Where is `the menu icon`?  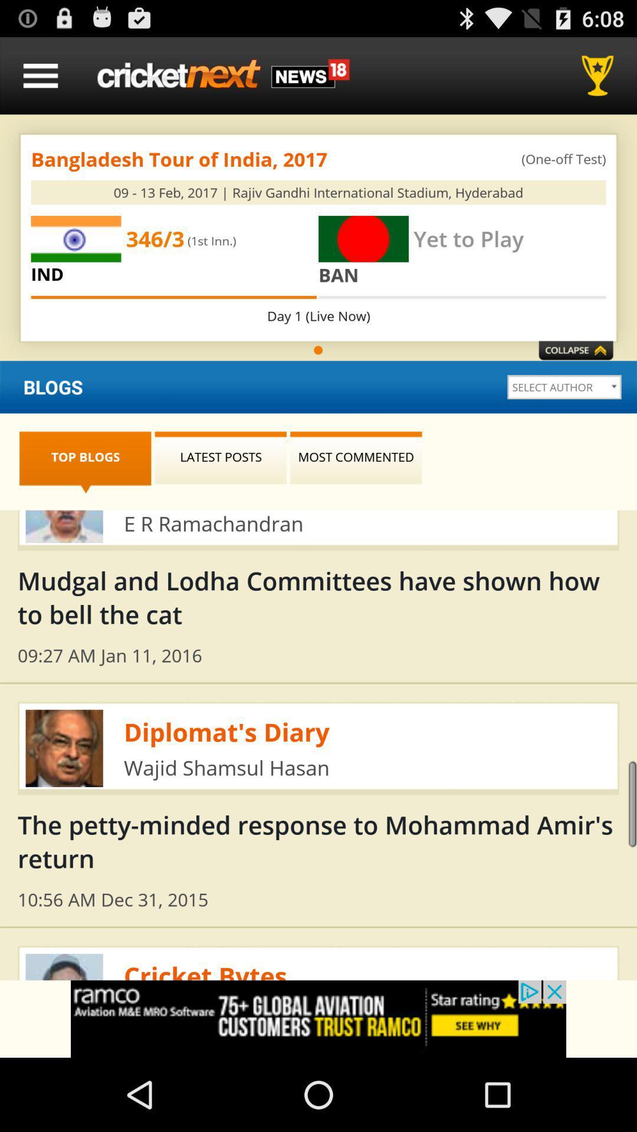
the menu icon is located at coordinates (40, 80).